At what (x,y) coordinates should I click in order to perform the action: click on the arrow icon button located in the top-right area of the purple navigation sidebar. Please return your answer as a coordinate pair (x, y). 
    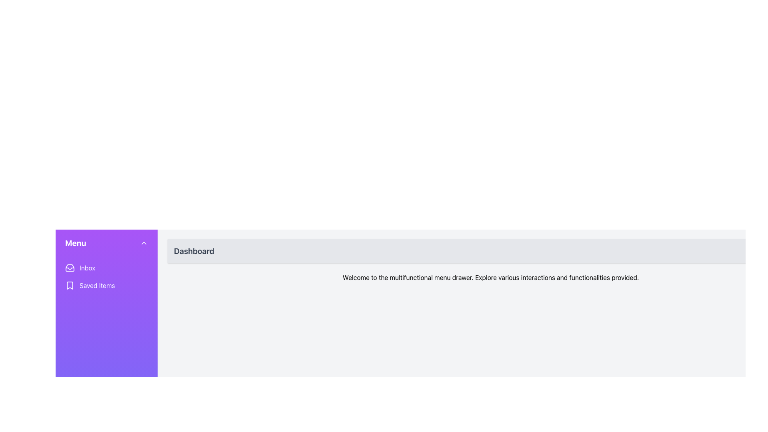
    Looking at the image, I should click on (144, 243).